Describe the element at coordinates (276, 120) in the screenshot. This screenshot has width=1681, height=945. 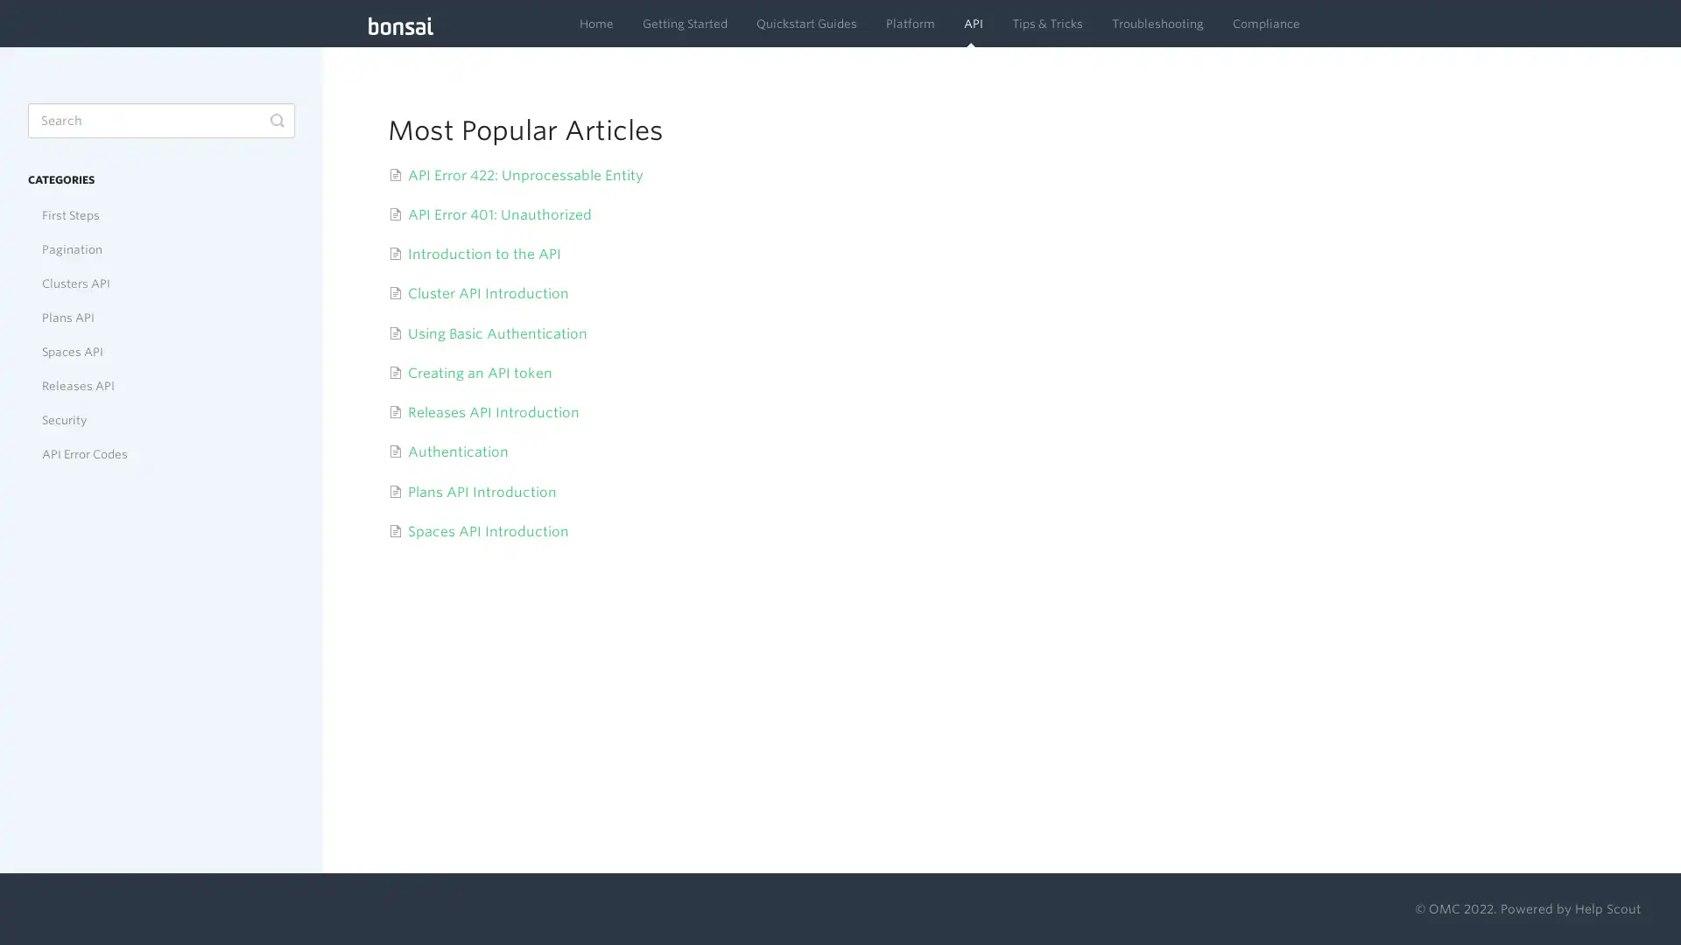
I see `Toggle Search` at that location.